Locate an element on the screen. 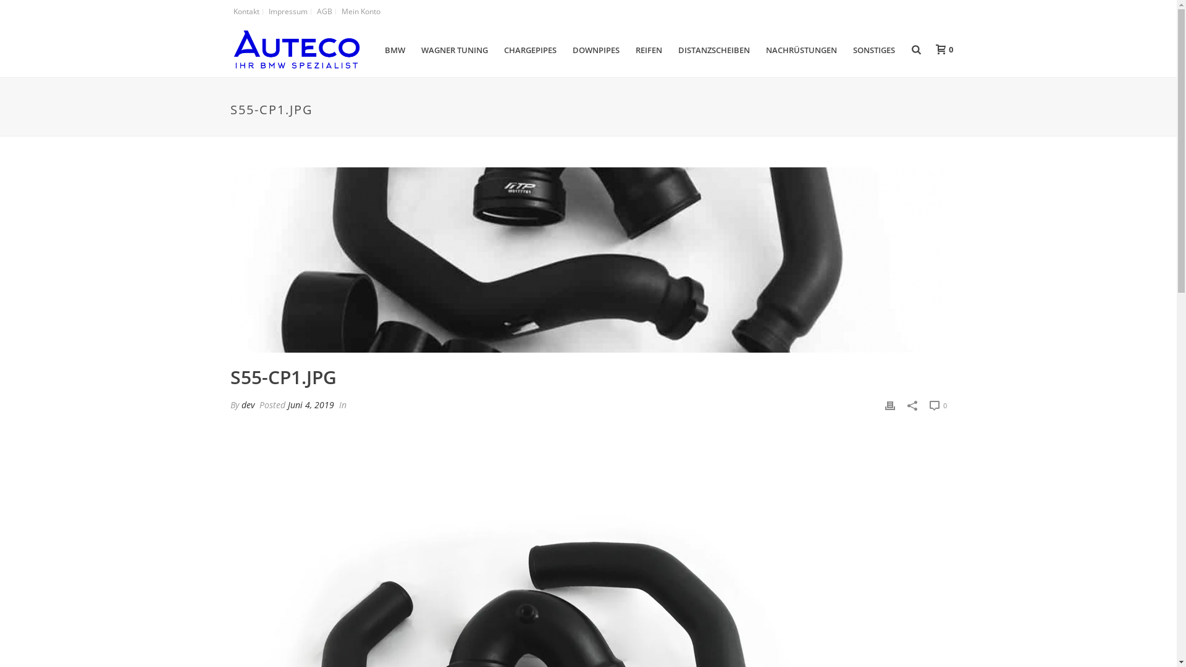 This screenshot has height=667, width=1186. 'Mein Konto' is located at coordinates (360, 12).